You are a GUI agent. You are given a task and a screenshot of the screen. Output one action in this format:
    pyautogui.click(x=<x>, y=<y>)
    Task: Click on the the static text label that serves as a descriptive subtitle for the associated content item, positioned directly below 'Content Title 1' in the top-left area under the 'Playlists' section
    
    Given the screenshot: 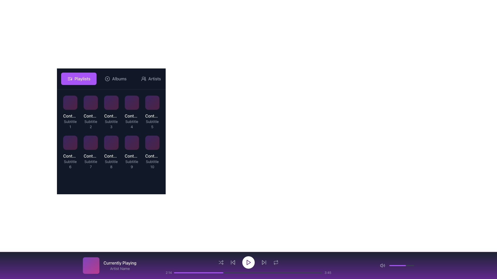 What is the action you would take?
    pyautogui.click(x=70, y=124)
    